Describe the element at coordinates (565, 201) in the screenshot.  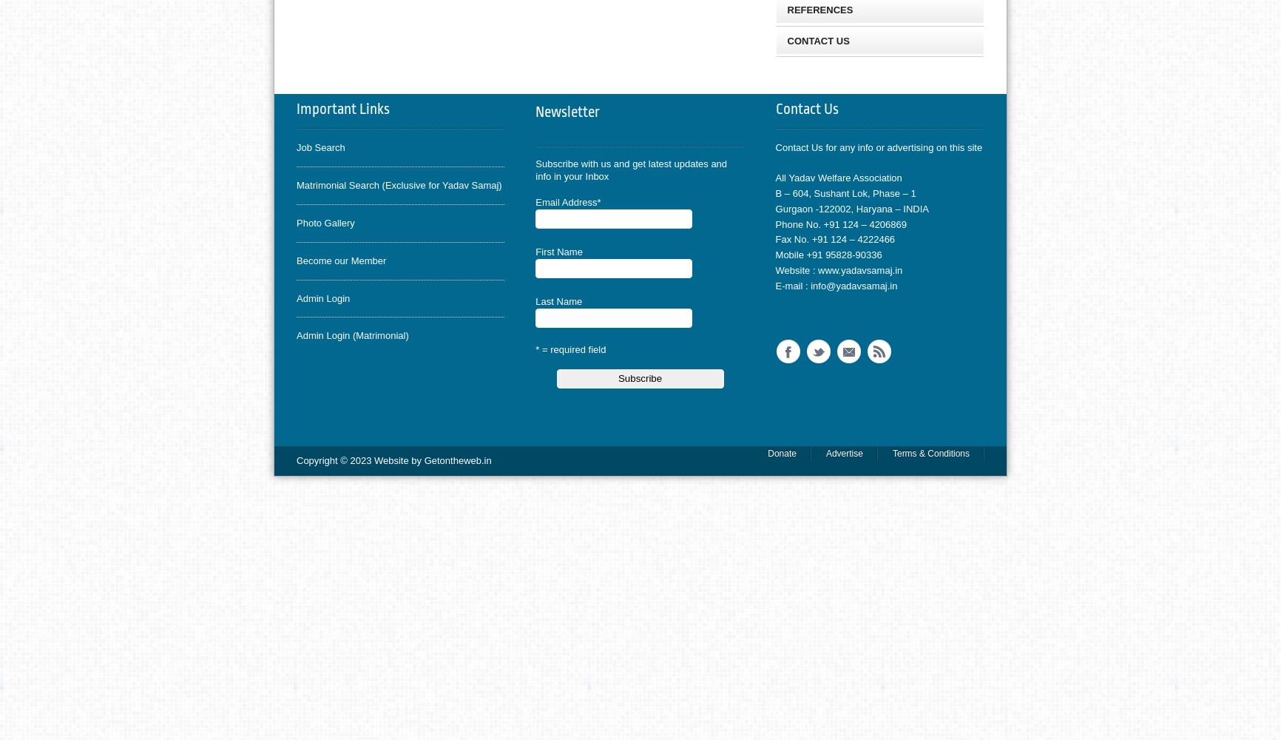
I see `'Email Address'` at that location.